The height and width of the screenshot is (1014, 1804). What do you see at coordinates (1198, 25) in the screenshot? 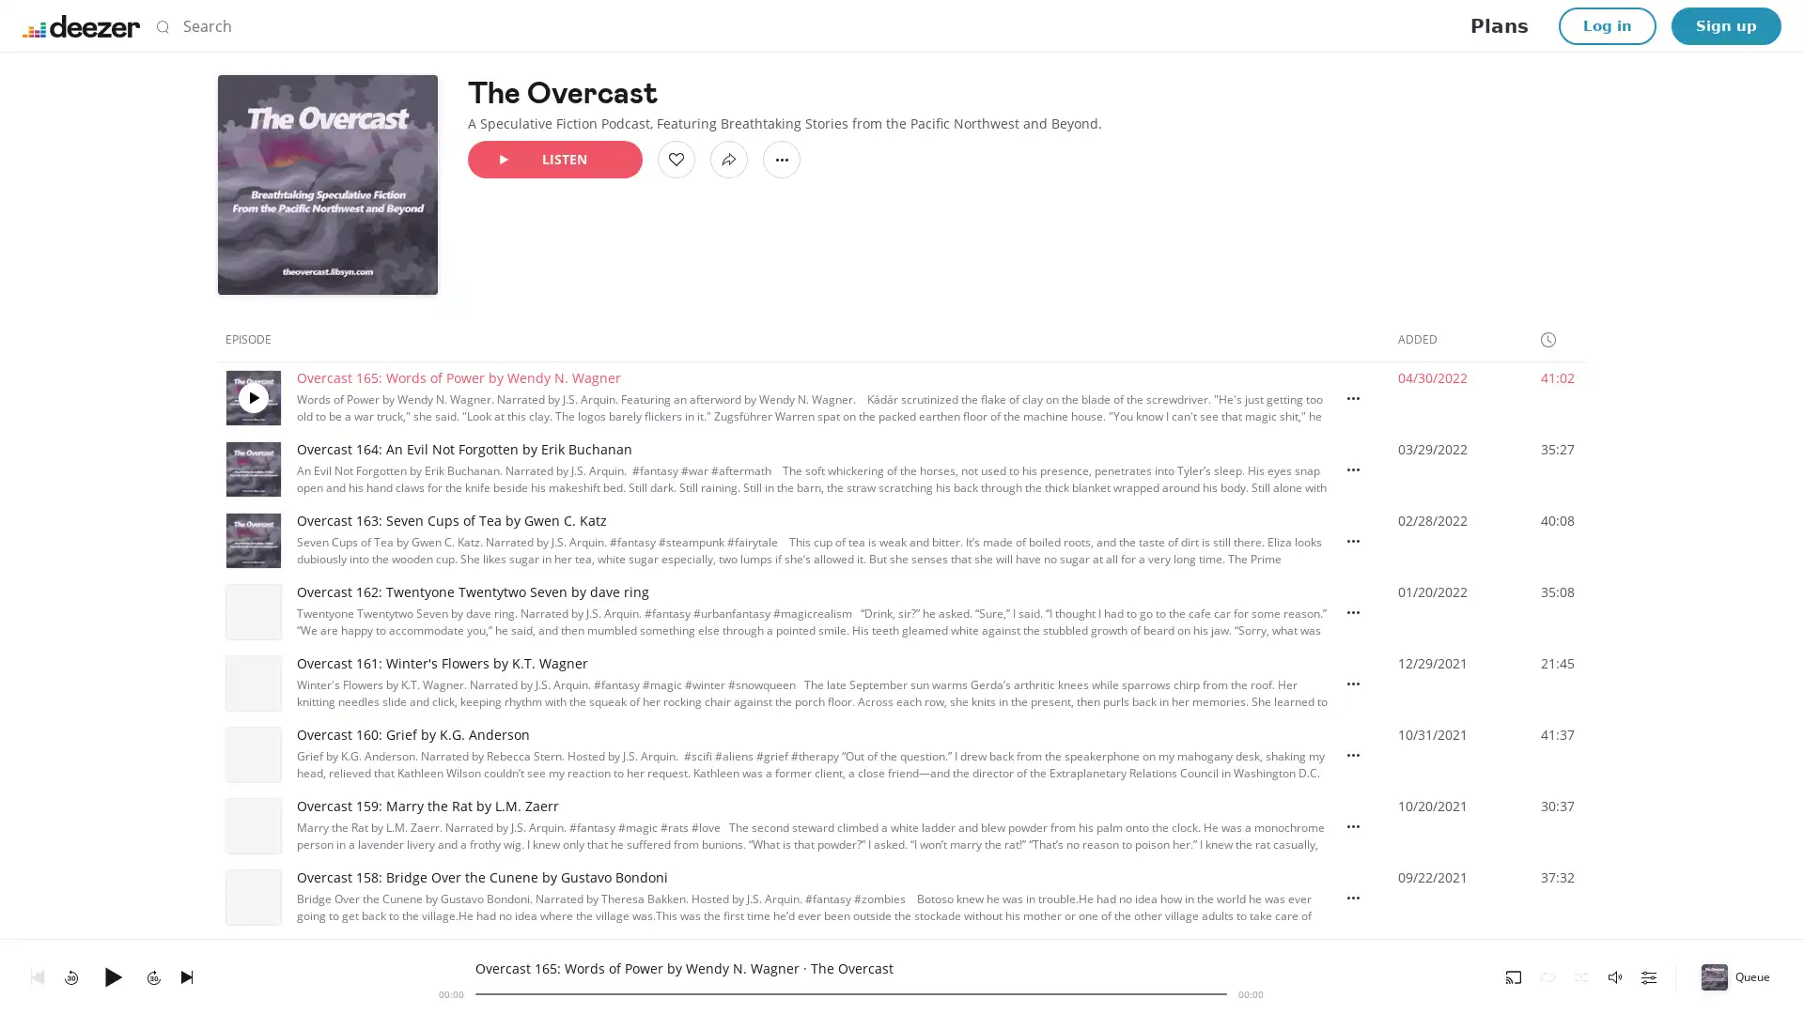
I see `Clear` at bounding box center [1198, 25].